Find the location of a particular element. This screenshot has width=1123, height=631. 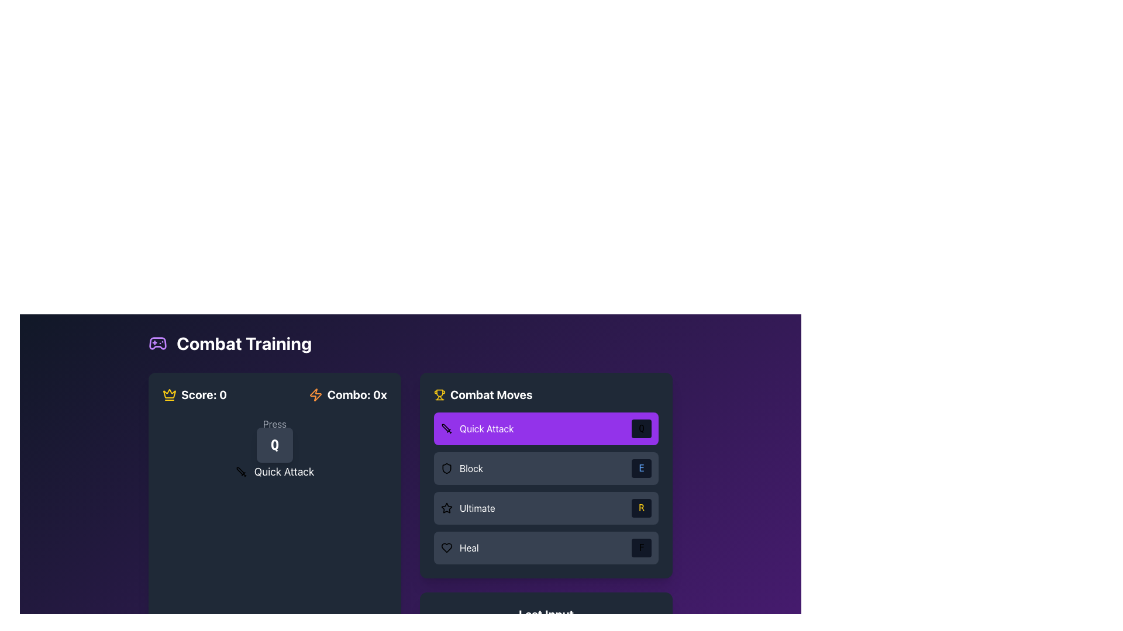

the Text Label with Icon displaying 'Combo: 0x' styled in bold white with an orange lightning icon, located at the top-right section of the 'Combat Training' panel is located at coordinates (347, 394).